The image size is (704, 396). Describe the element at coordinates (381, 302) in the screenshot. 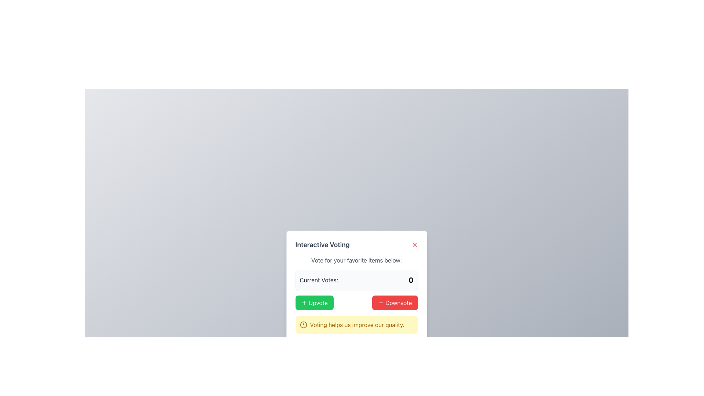

I see `the 'Downvote' button that visually represents the decrement action in the interactive voting interface located at the bottom center of the modal dialog` at that location.